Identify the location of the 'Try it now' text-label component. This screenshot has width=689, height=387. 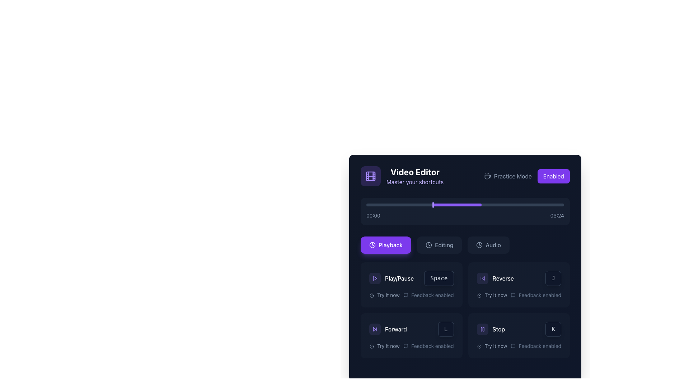
(519, 345).